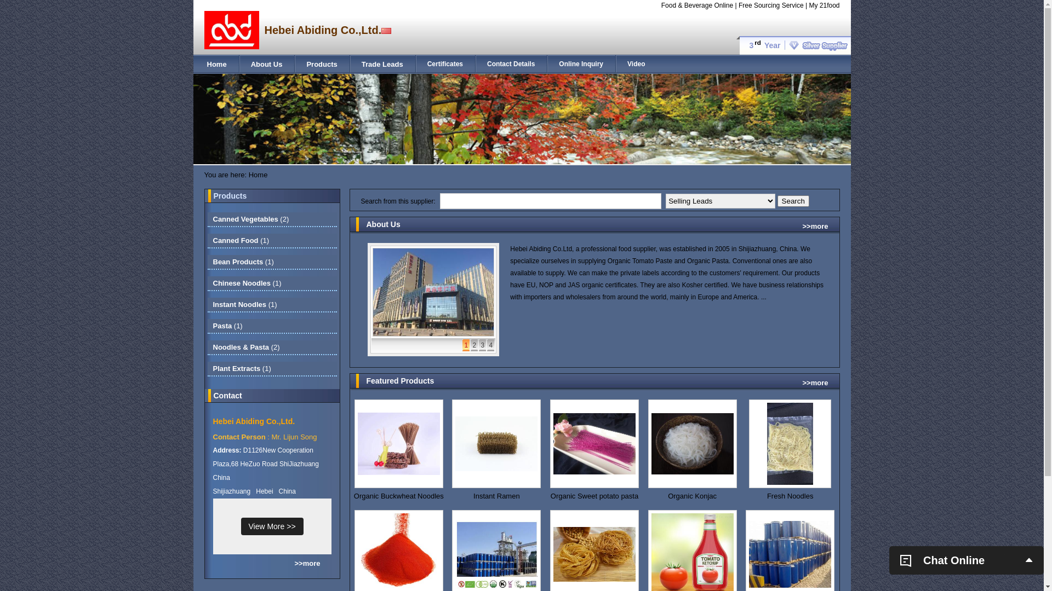 The width and height of the screenshot is (1052, 591). Describe the element at coordinates (580, 63) in the screenshot. I see `'Online Inquiry'` at that location.